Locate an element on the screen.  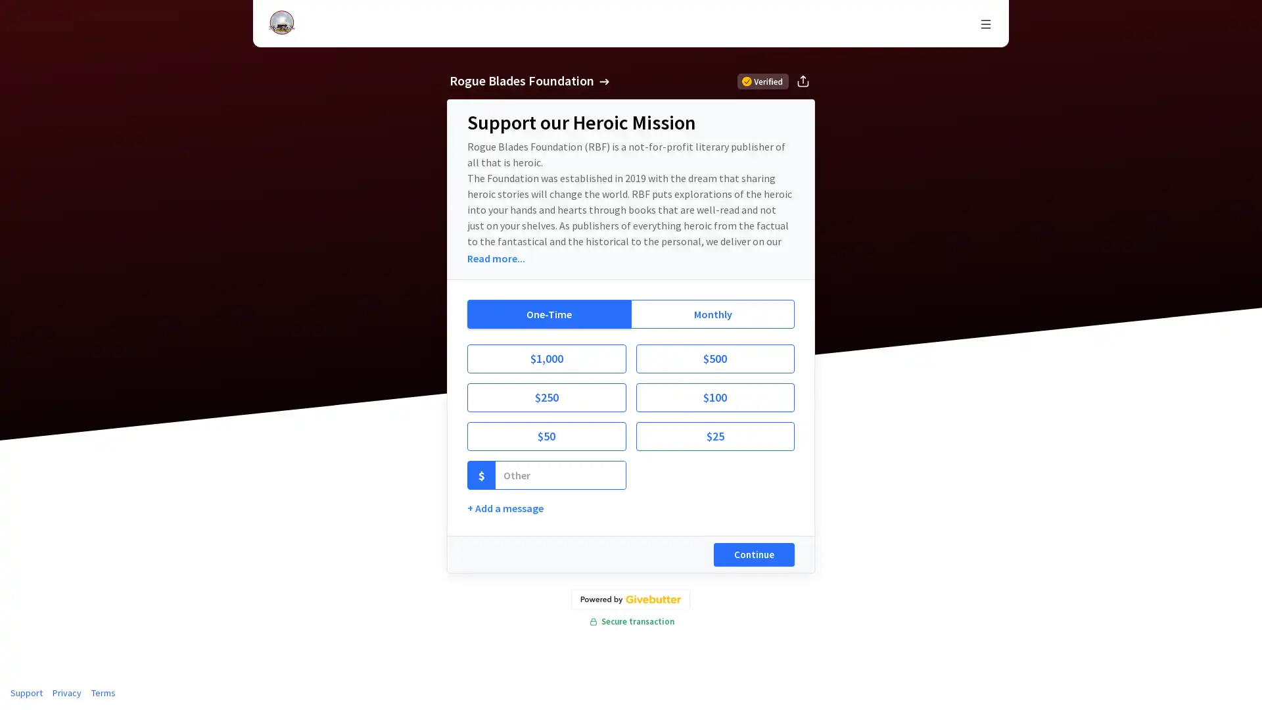
Continue is located at coordinates (754, 555).